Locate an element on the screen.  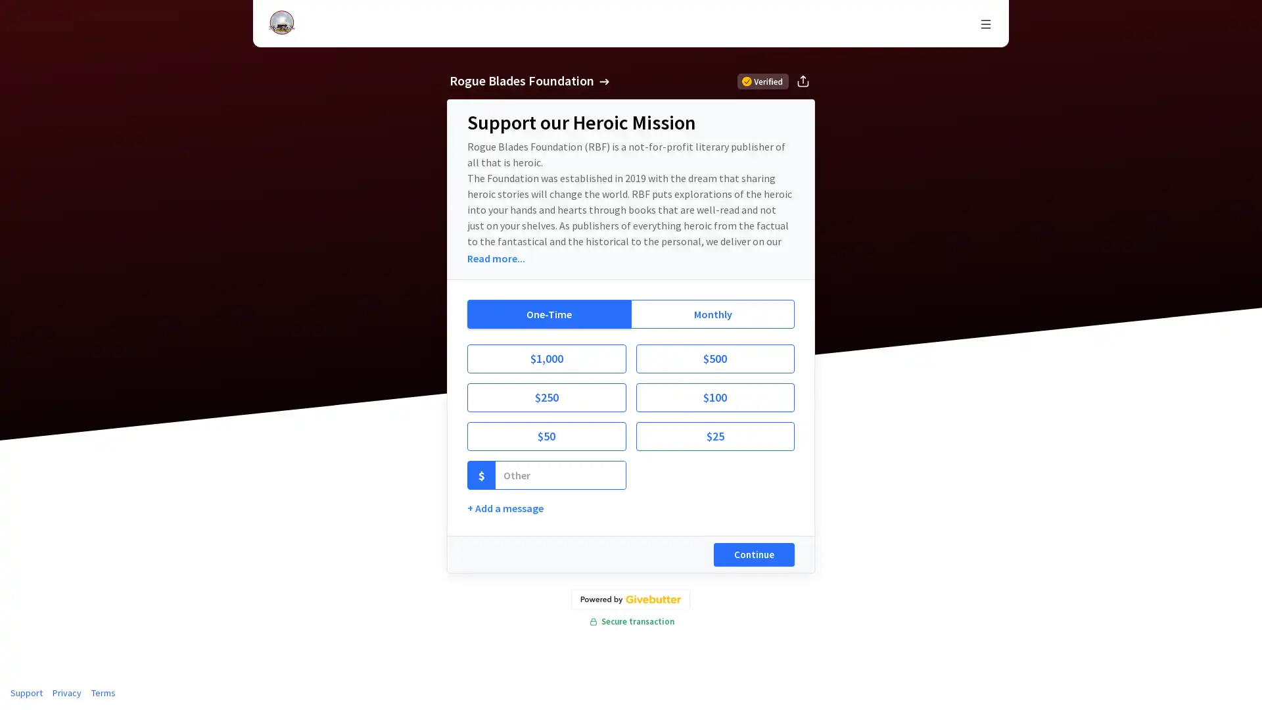
Continue is located at coordinates (754, 555).